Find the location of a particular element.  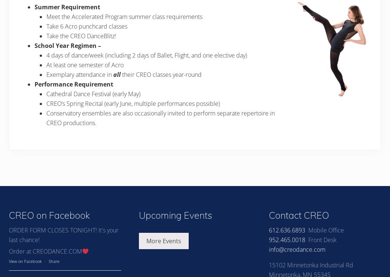

'all' is located at coordinates (117, 74).